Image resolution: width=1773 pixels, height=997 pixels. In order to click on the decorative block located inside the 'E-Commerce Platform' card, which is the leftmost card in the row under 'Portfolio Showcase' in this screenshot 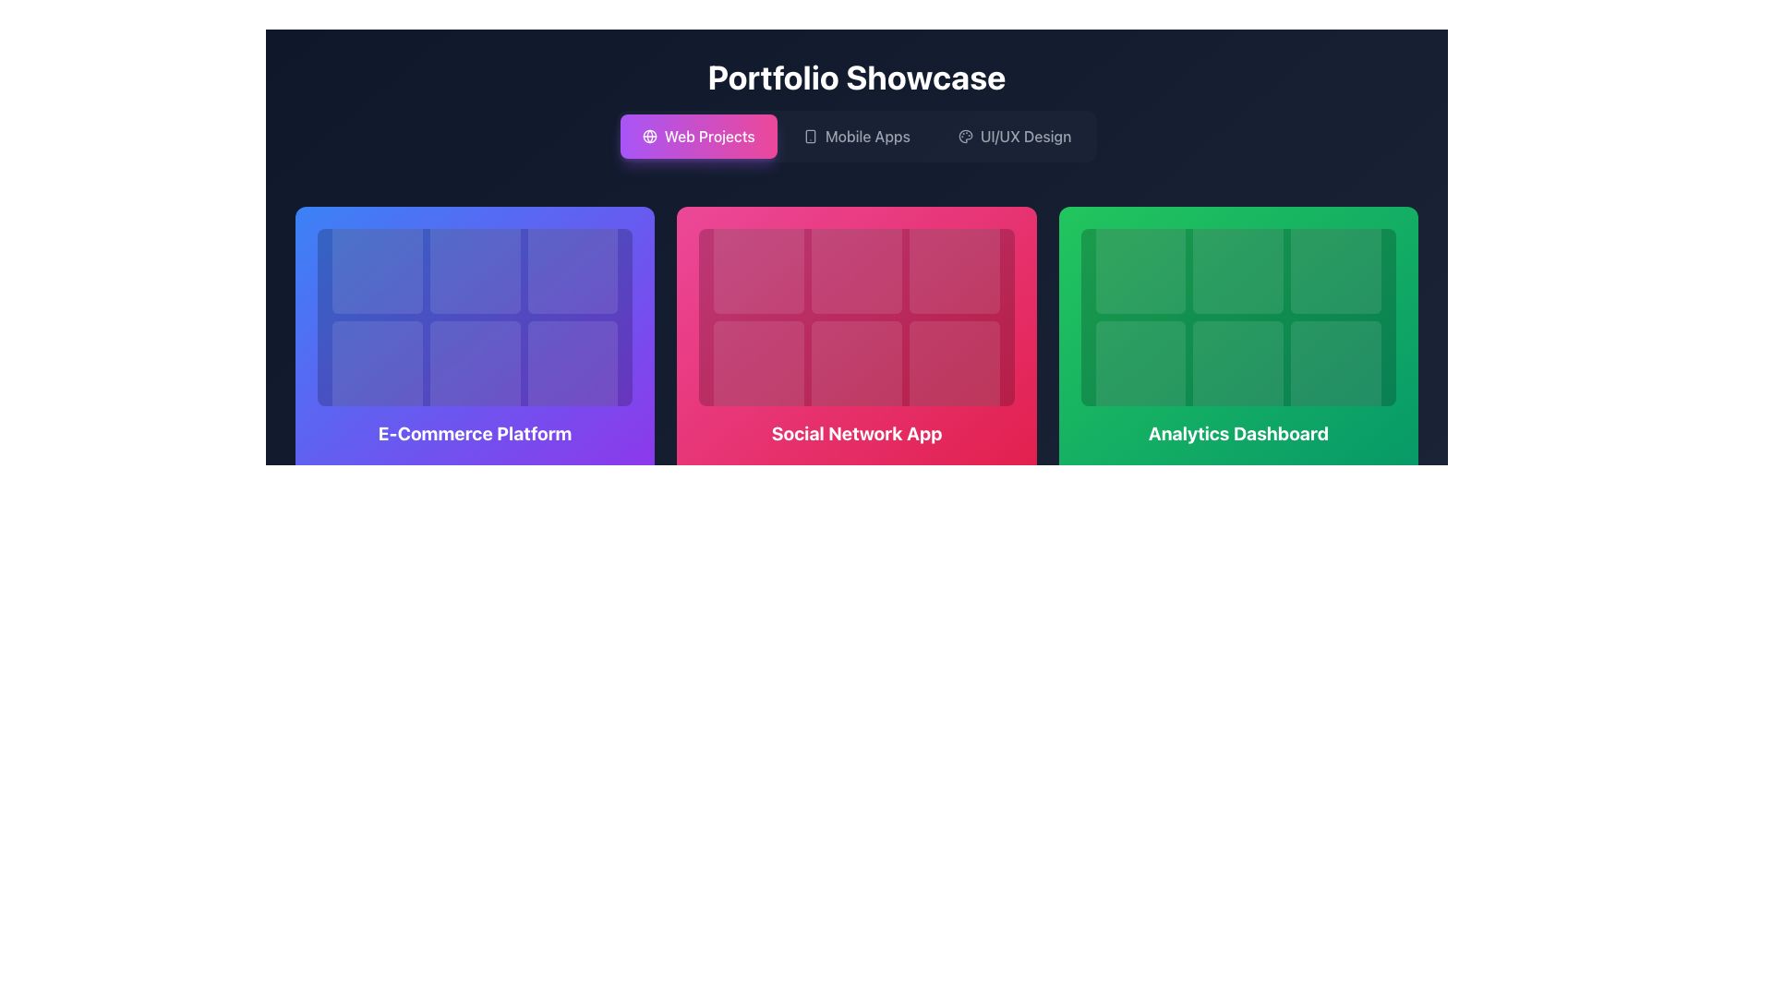, I will do `click(475, 316)`.